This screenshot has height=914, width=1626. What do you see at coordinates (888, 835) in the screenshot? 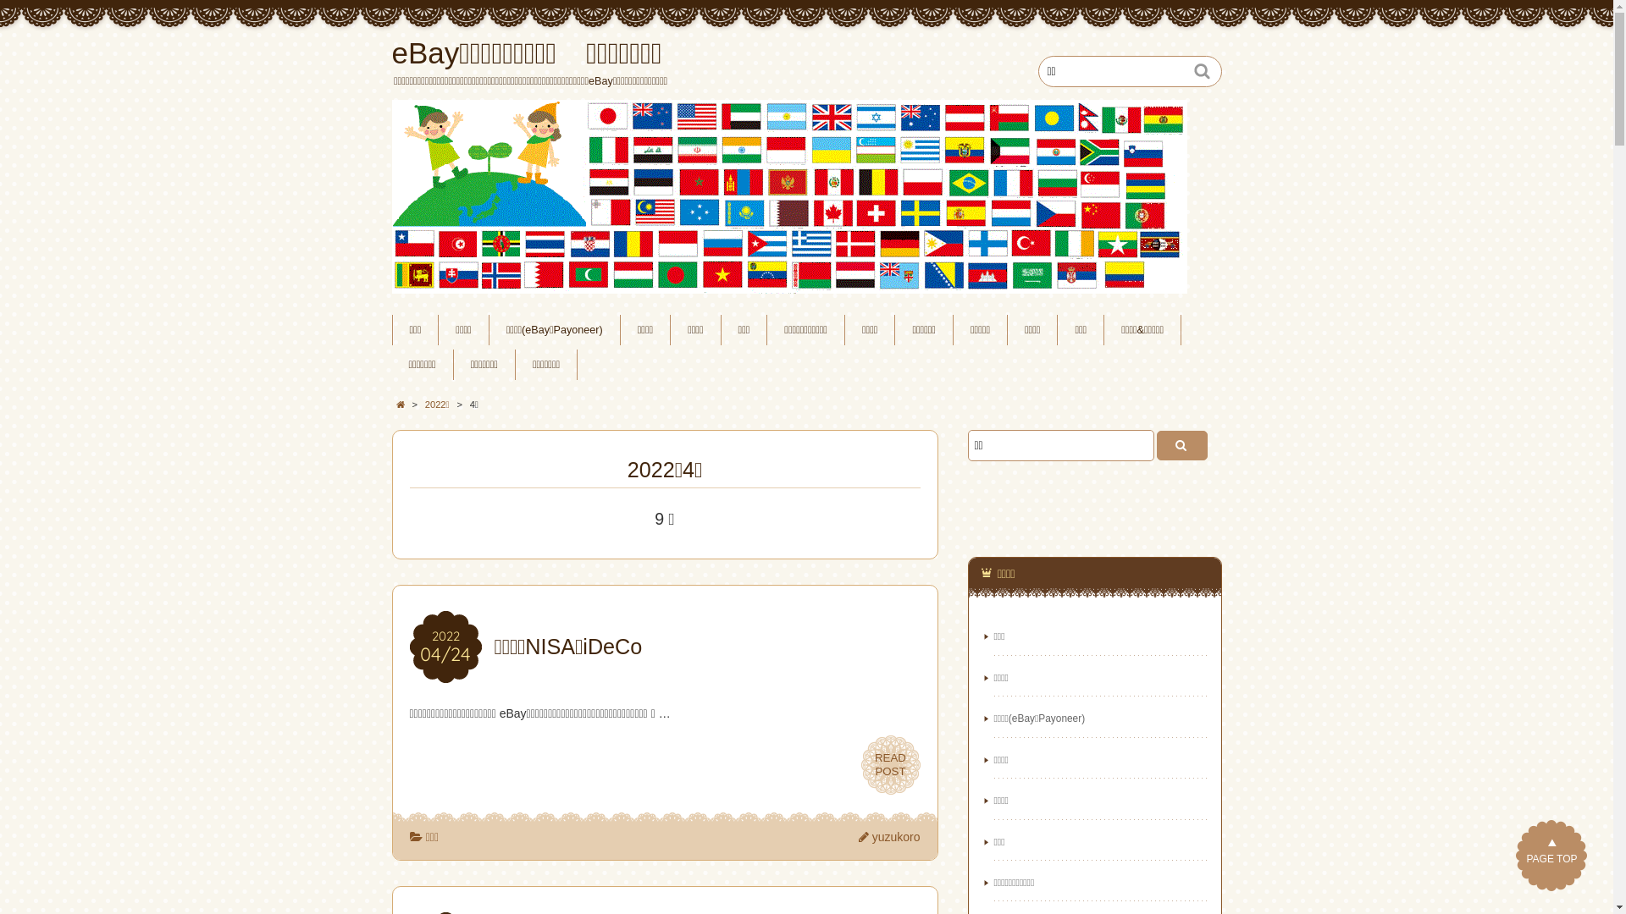
I see `'yuzukoro'` at bounding box center [888, 835].